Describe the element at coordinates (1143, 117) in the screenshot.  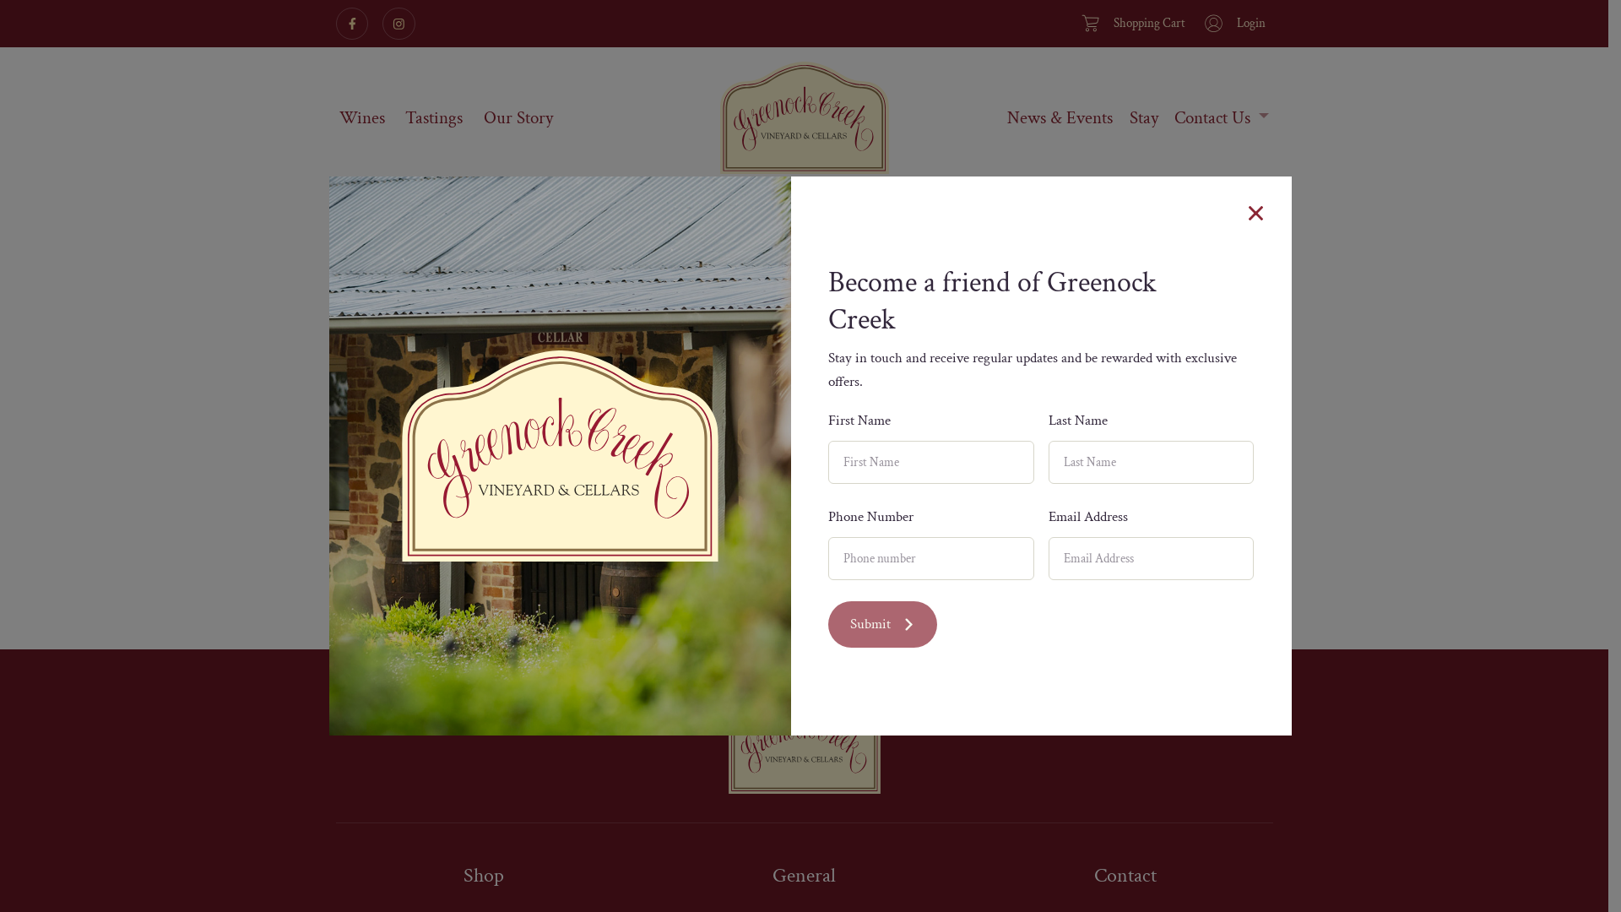
I see `'Stay'` at that location.